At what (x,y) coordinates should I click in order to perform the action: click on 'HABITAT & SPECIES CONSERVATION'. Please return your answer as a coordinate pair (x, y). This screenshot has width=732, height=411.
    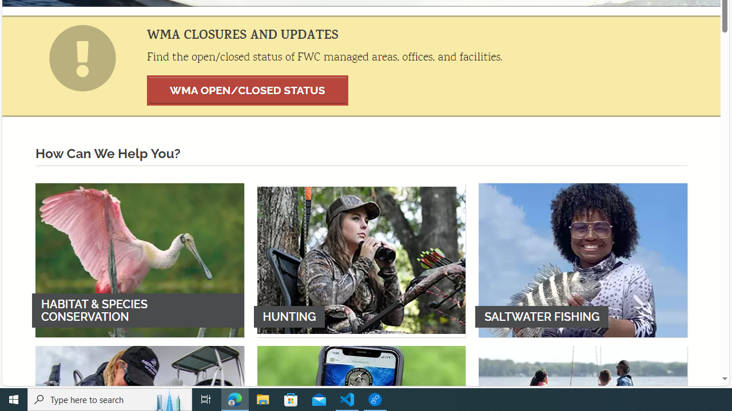
    Looking at the image, I should click on (139, 260).